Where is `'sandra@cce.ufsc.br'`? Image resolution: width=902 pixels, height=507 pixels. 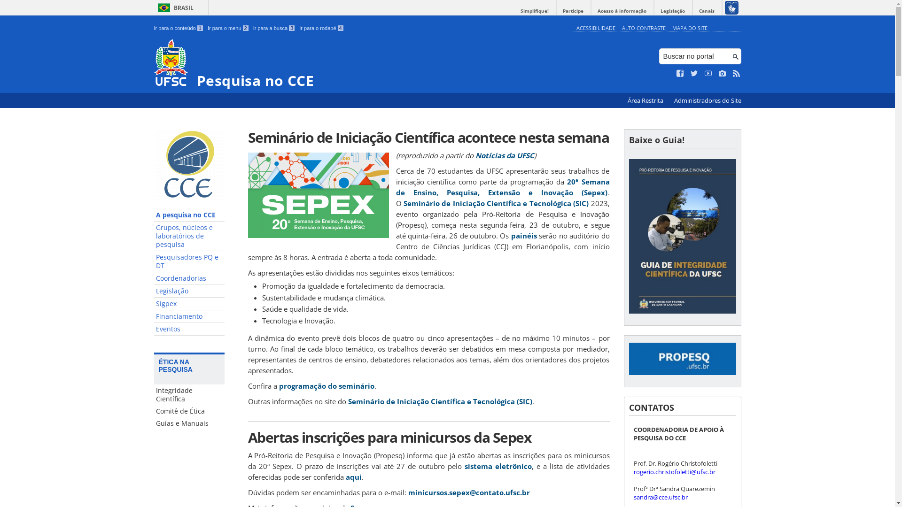 'sandra@cce.ufsc.br' is located at coordinates (633, 497).